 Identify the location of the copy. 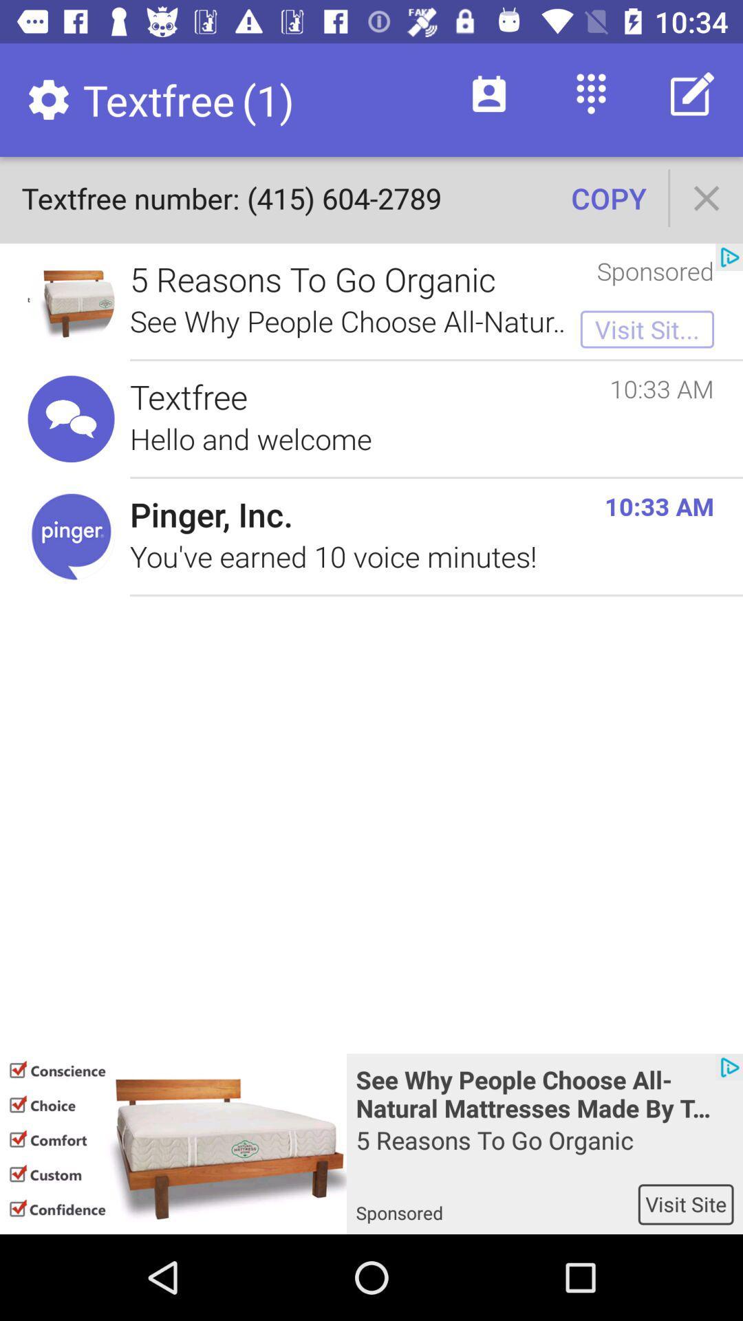
(607, 197).